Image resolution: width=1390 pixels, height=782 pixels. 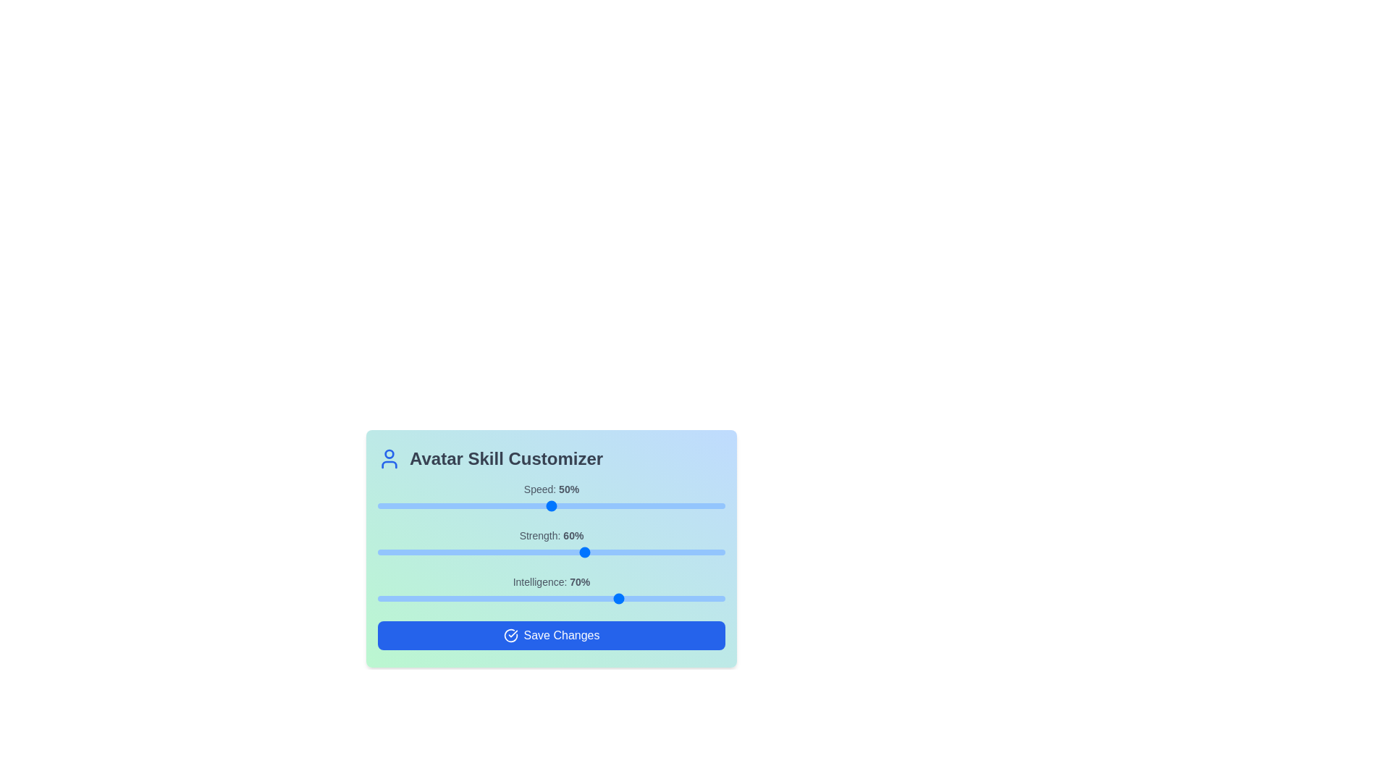 I want to click on strength, so click(x=652, y=552).